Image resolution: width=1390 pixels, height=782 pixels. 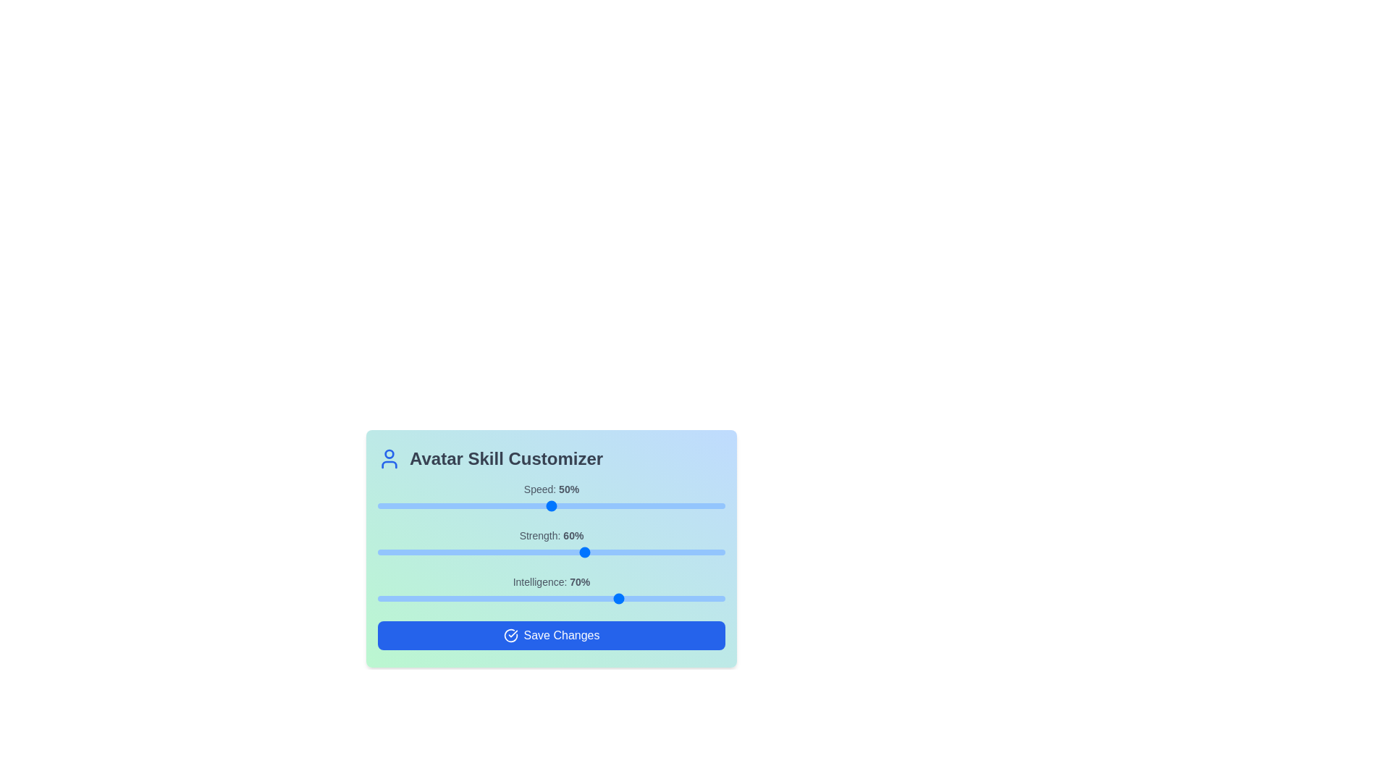 I want to click on strength, so click(x=652, y=552).